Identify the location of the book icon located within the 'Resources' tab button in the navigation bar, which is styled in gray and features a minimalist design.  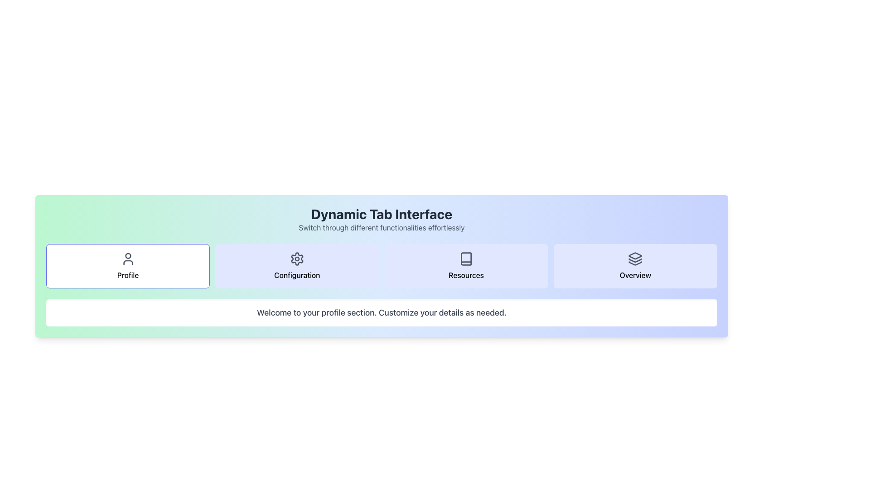
(466, 259).